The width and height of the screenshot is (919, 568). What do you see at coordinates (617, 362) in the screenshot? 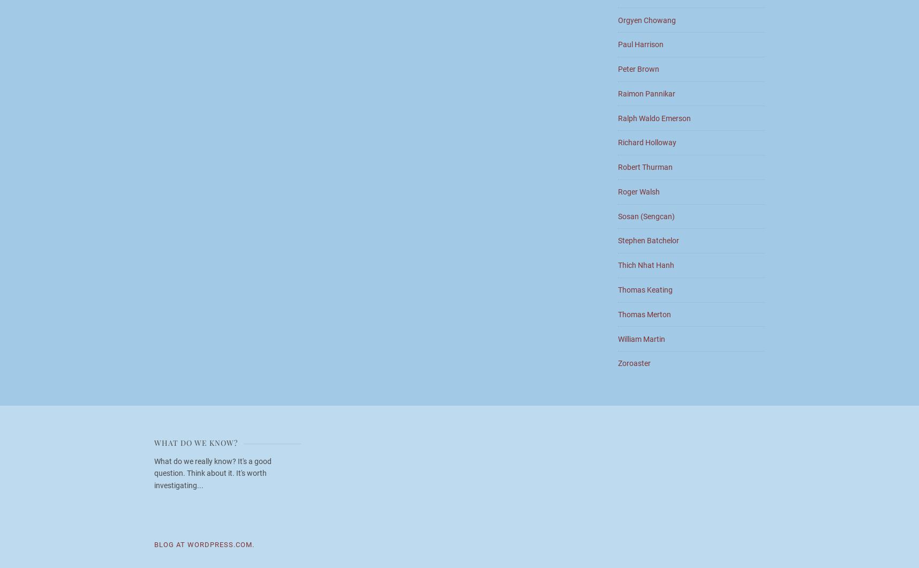
I see `'Zoroaster'` at bounding box center [617, 362].